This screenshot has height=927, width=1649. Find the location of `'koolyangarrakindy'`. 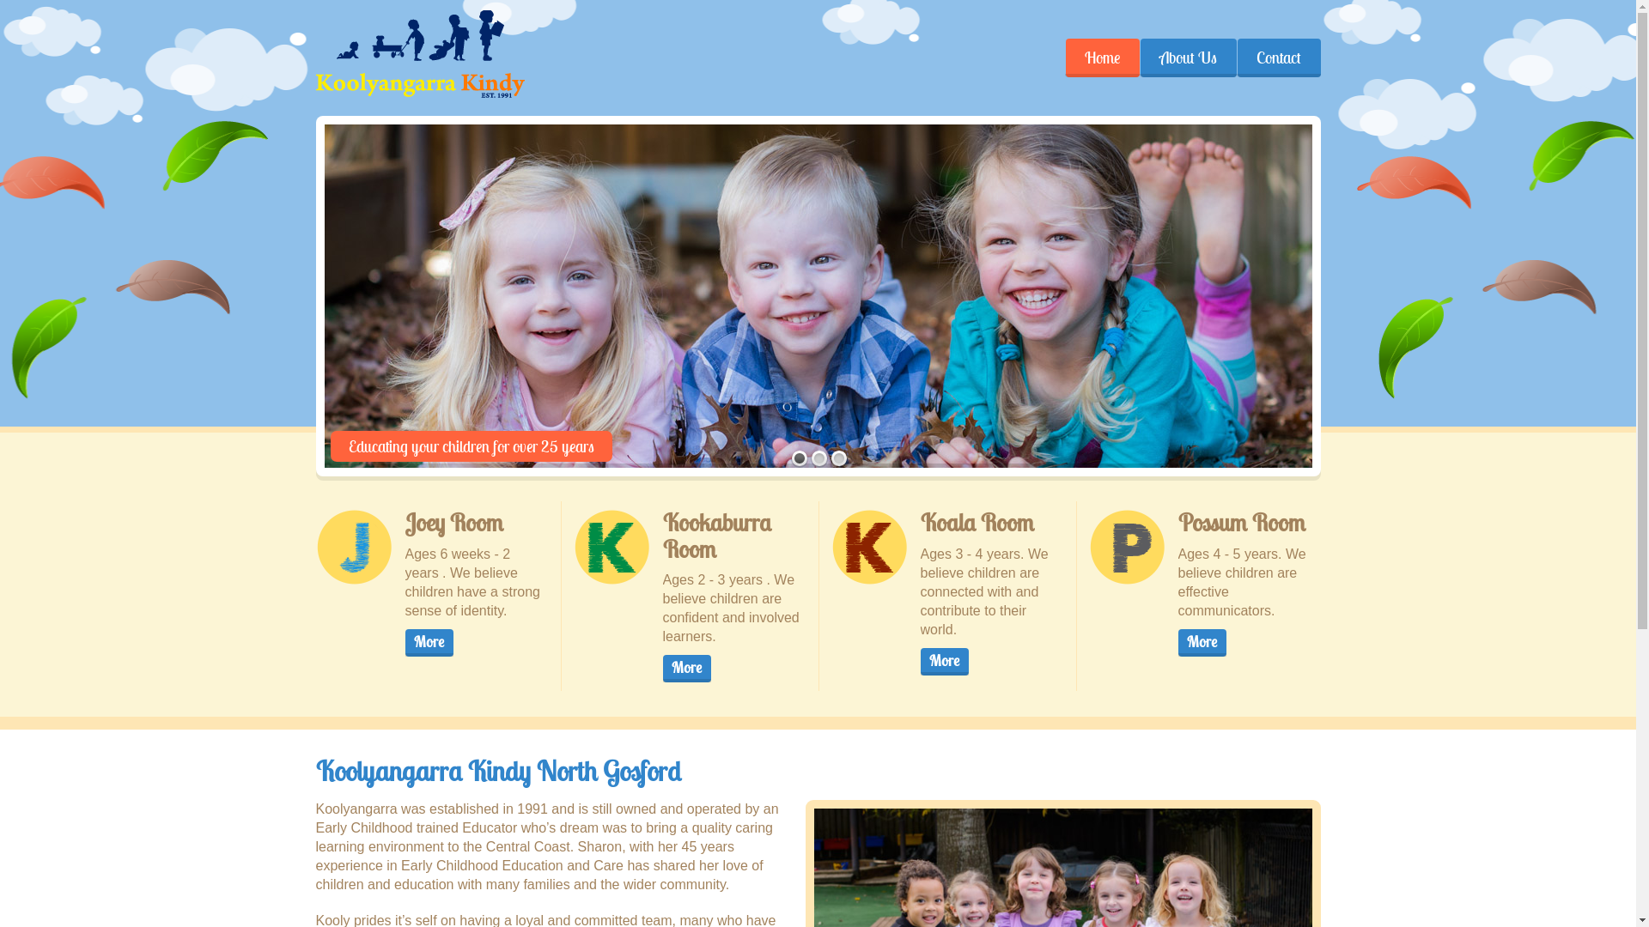

'koolyangarrakindy' is located at coordinates (420, 52).